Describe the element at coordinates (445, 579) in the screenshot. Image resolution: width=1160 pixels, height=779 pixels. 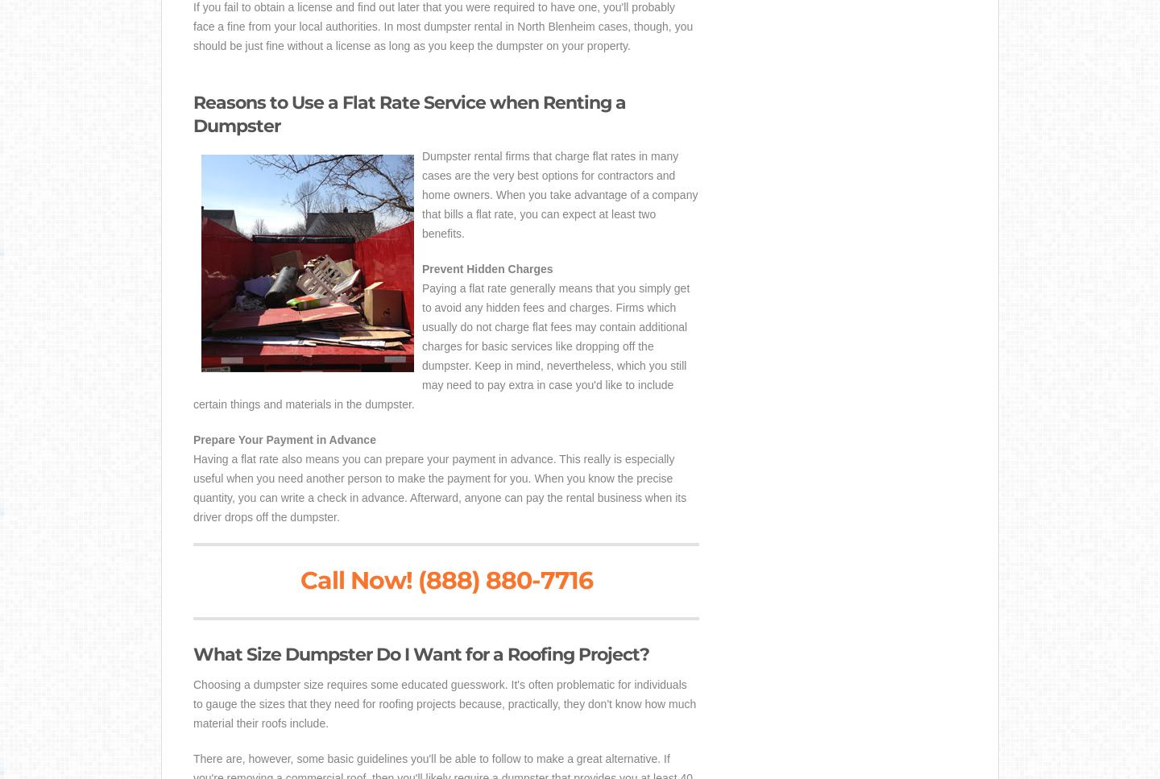
I see `'Call Now! (888) 880-7716'` at that location.